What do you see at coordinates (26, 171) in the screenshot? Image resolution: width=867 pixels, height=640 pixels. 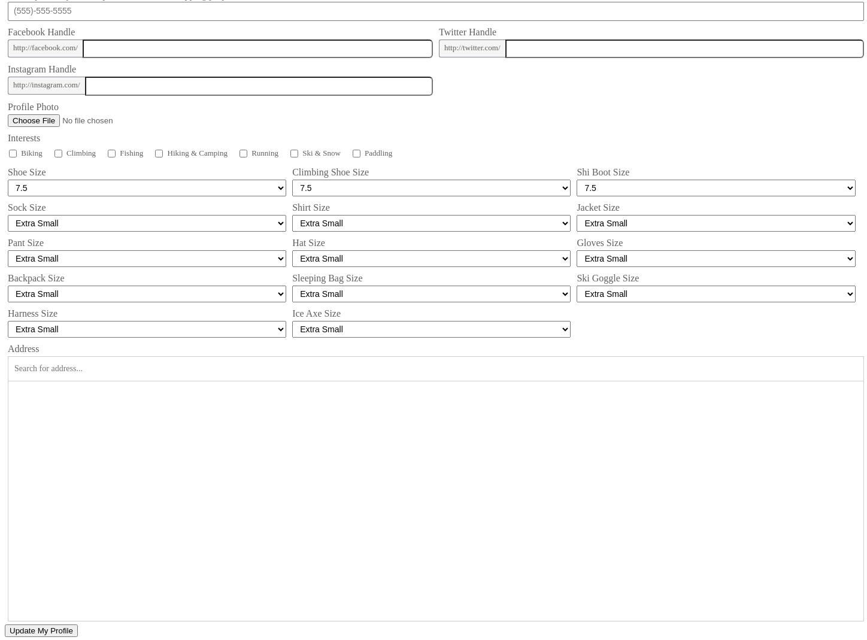 I see `'Shoe Size'` at bounding box center [26, 171].